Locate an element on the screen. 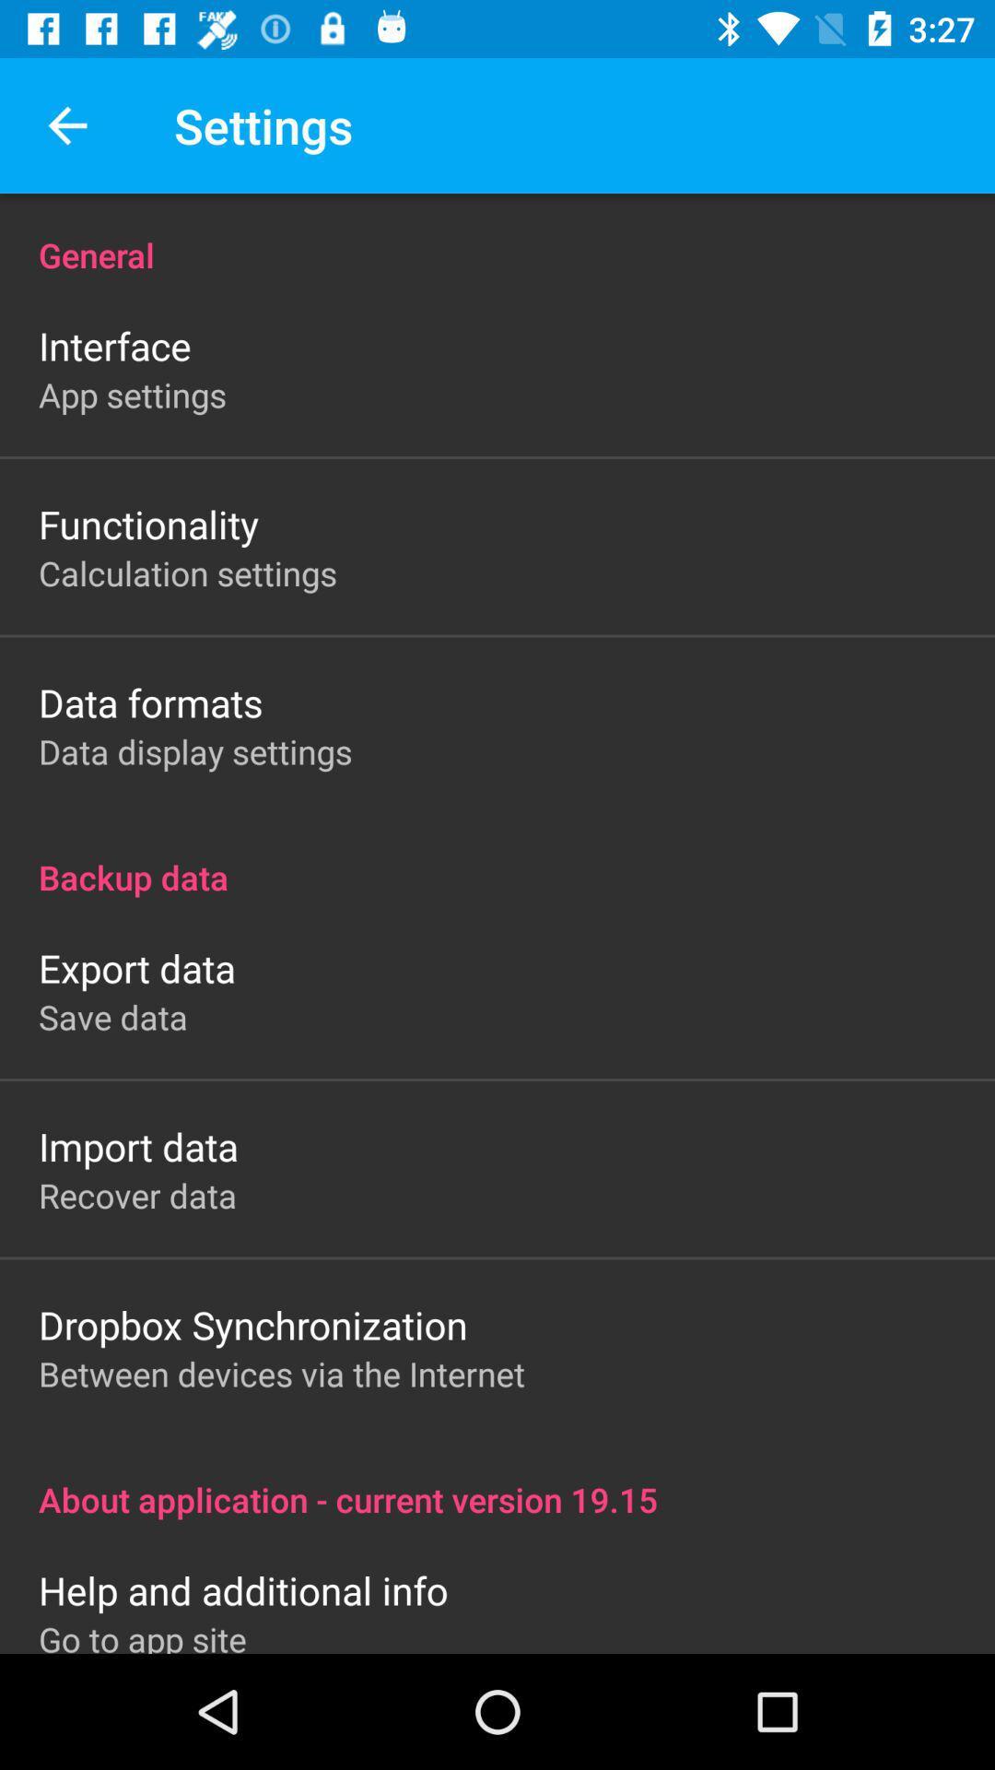  the general icon is located at coordinates (497, 234).